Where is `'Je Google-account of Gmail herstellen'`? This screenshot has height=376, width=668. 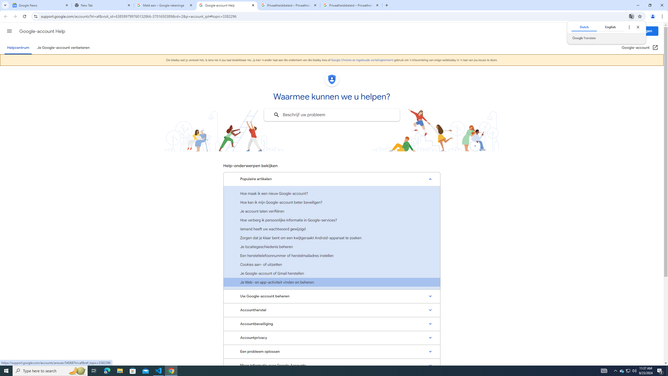
'Je Google-account of Gmail herstellen' is located at coordinates (332, 273).